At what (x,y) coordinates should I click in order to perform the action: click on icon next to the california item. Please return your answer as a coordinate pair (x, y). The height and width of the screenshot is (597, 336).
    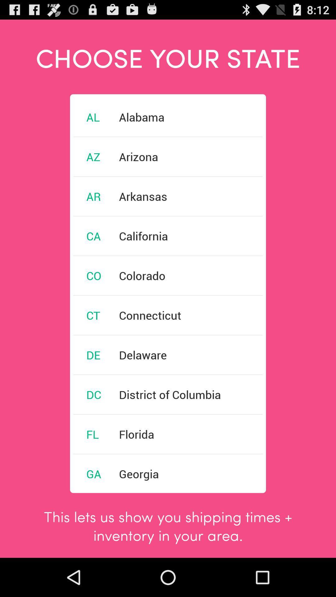
    Looking at the image, I should click on (93, 235).